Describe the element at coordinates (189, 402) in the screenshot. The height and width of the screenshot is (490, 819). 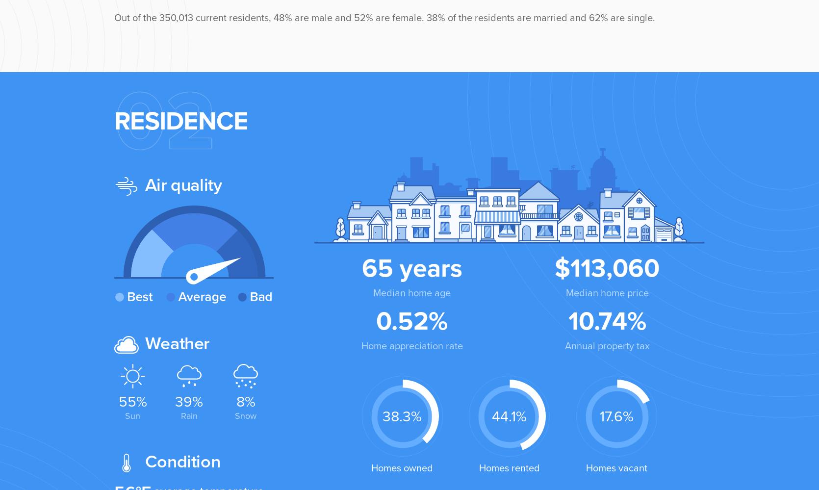
I see `'39%'` at that location.